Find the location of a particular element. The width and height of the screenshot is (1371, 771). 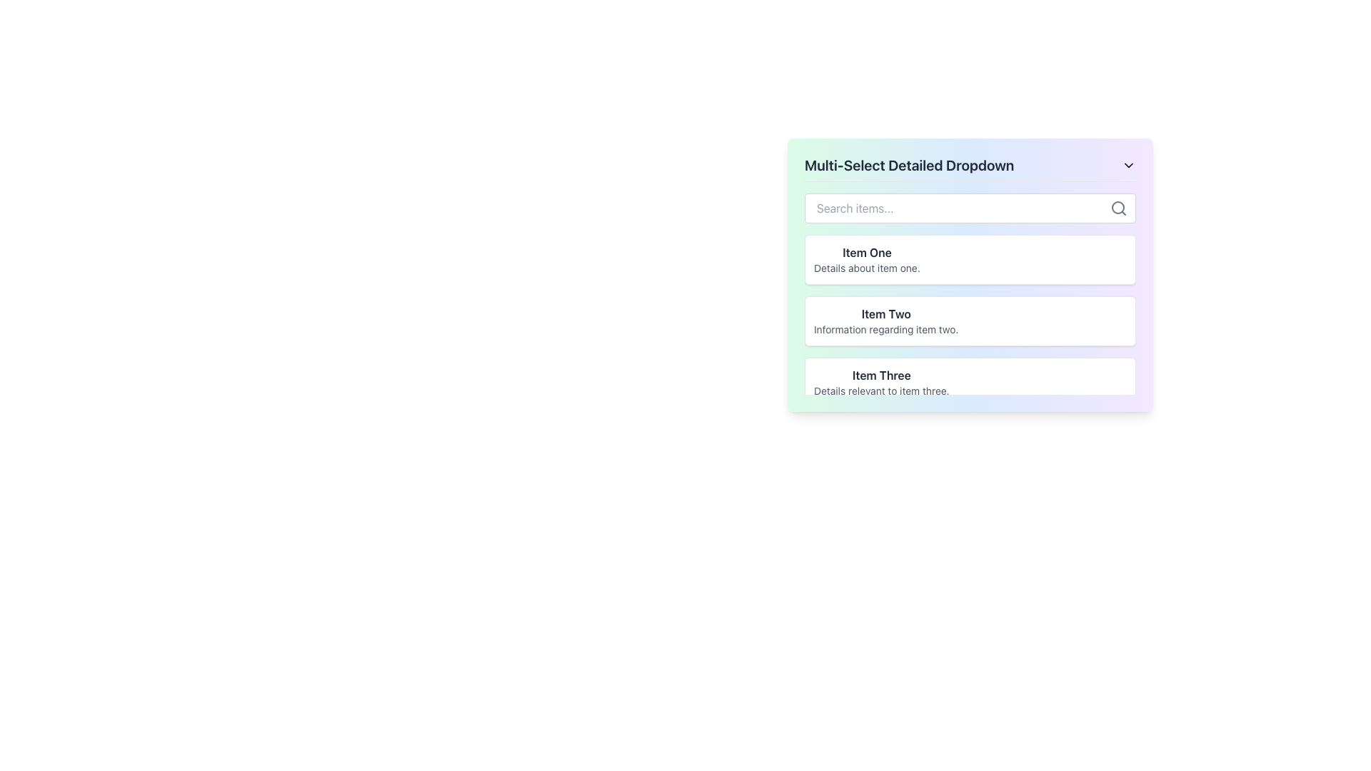

the static text label providing additional information about 'Item Three', located directly beneath the 'Item Three' label in the dropdown list is located at coordinates (880, 390).